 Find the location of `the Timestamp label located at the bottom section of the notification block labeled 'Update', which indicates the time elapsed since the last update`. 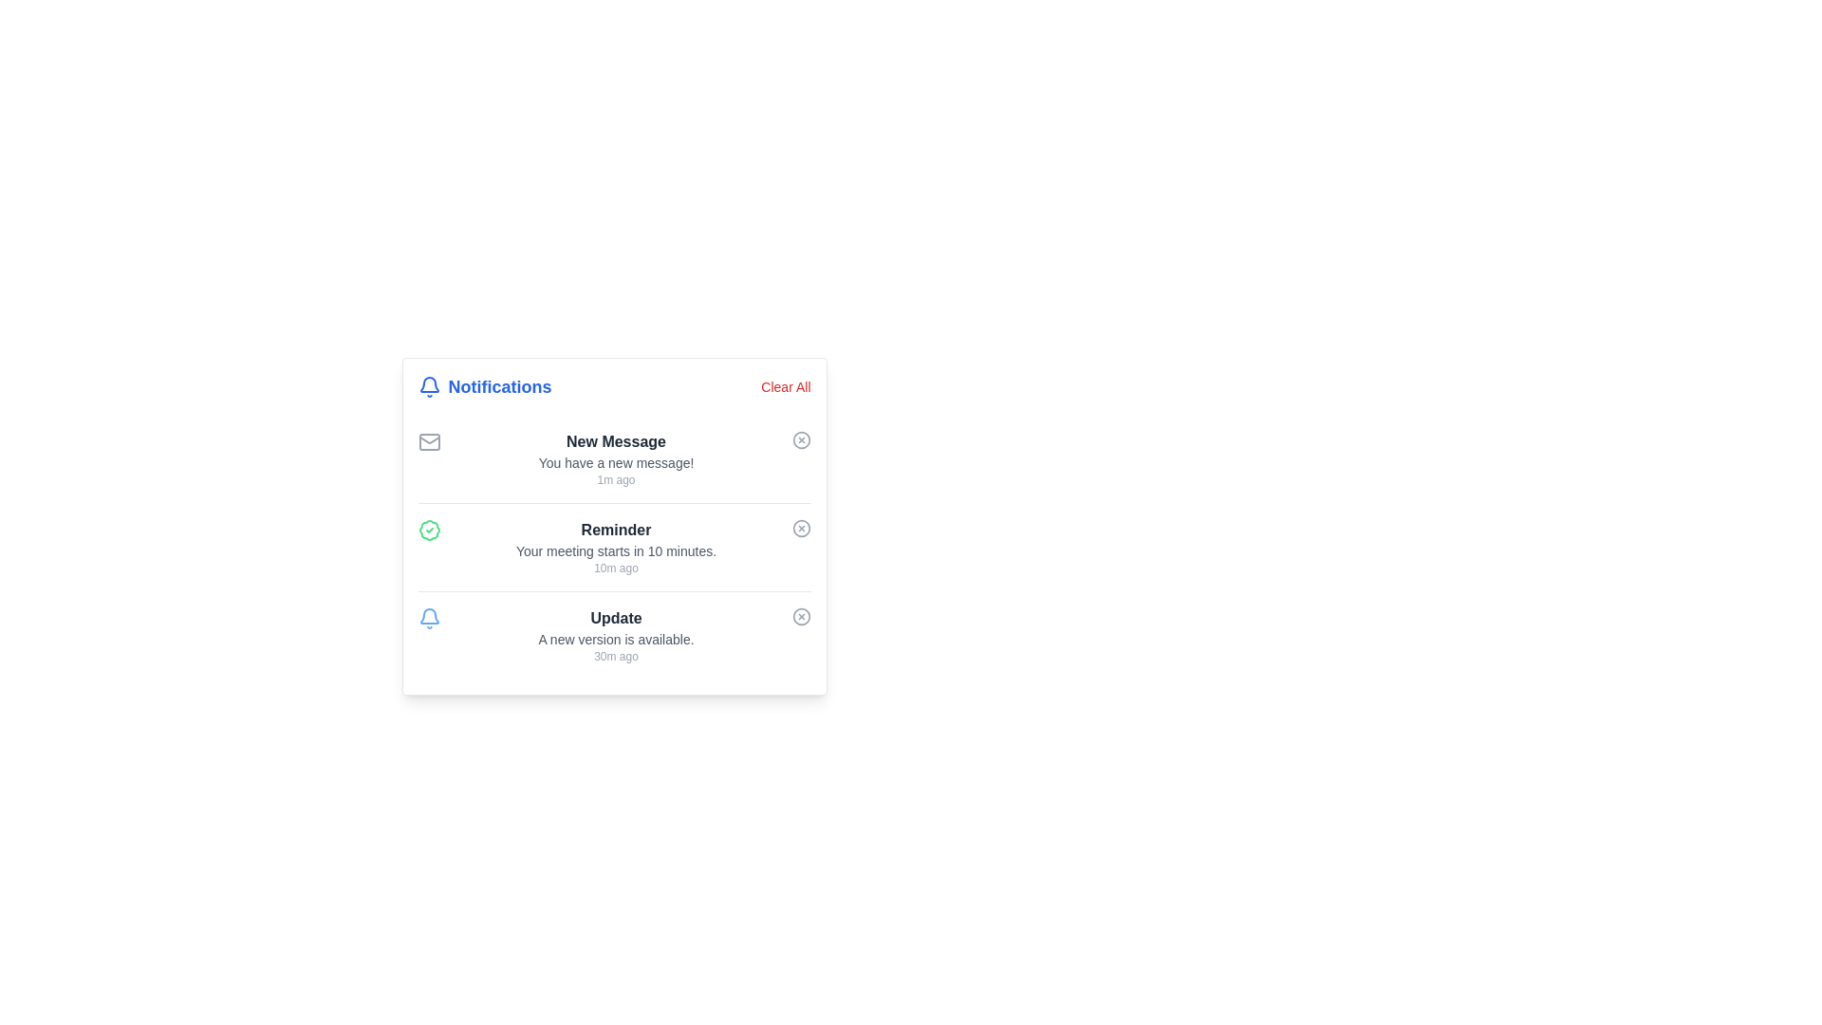

the Timestamp label located at the bottom section of the notification block labeled 'Update', which indicates the time elapsed since the last update is located at coordinates (616, 655).